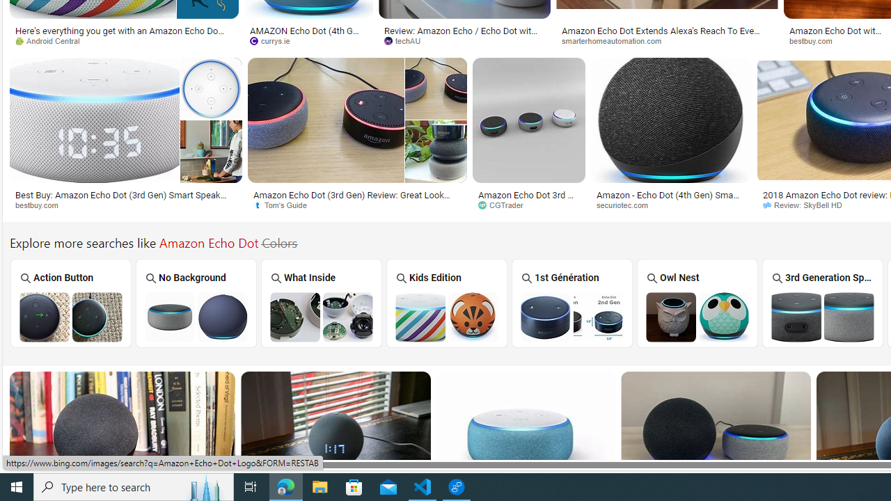 This screenshot has width=891, height=501. I want to click on 'Review: SkyBell HD', so click(807, 205).